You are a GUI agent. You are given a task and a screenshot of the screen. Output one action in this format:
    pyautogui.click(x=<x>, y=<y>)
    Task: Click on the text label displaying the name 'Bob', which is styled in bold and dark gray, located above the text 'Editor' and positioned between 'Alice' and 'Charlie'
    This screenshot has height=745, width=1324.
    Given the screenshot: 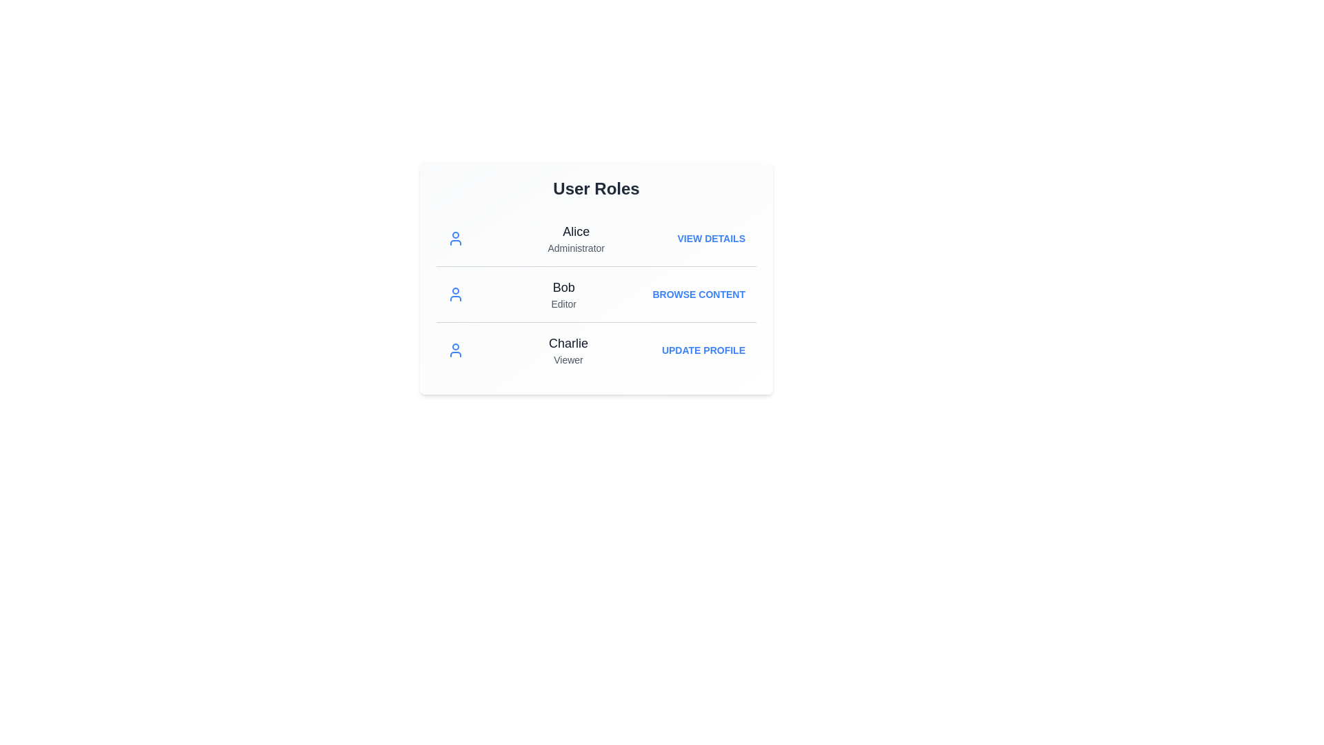 What is the action you would take?
    pyautogui.click(x=563, y=286)
    